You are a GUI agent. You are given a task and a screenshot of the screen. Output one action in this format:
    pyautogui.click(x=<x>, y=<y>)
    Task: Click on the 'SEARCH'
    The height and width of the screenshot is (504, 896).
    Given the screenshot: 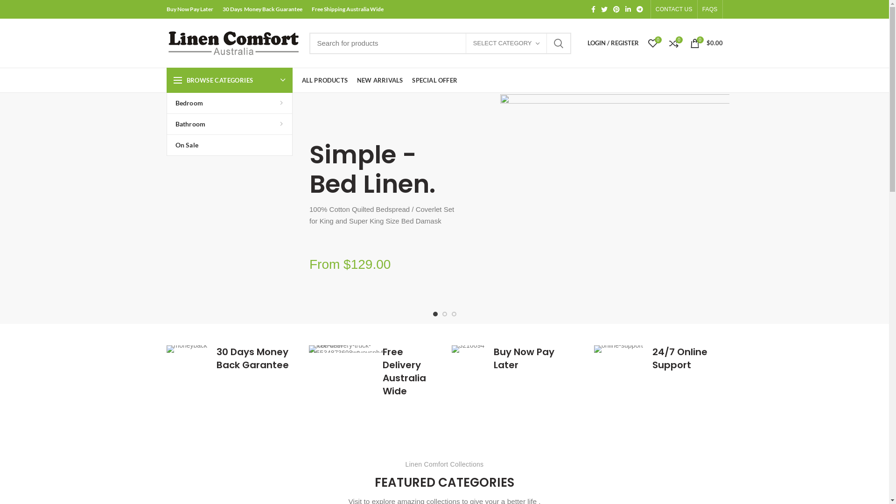 What is the action you would take?
    pyautogui.click(x=558, y=43)
    